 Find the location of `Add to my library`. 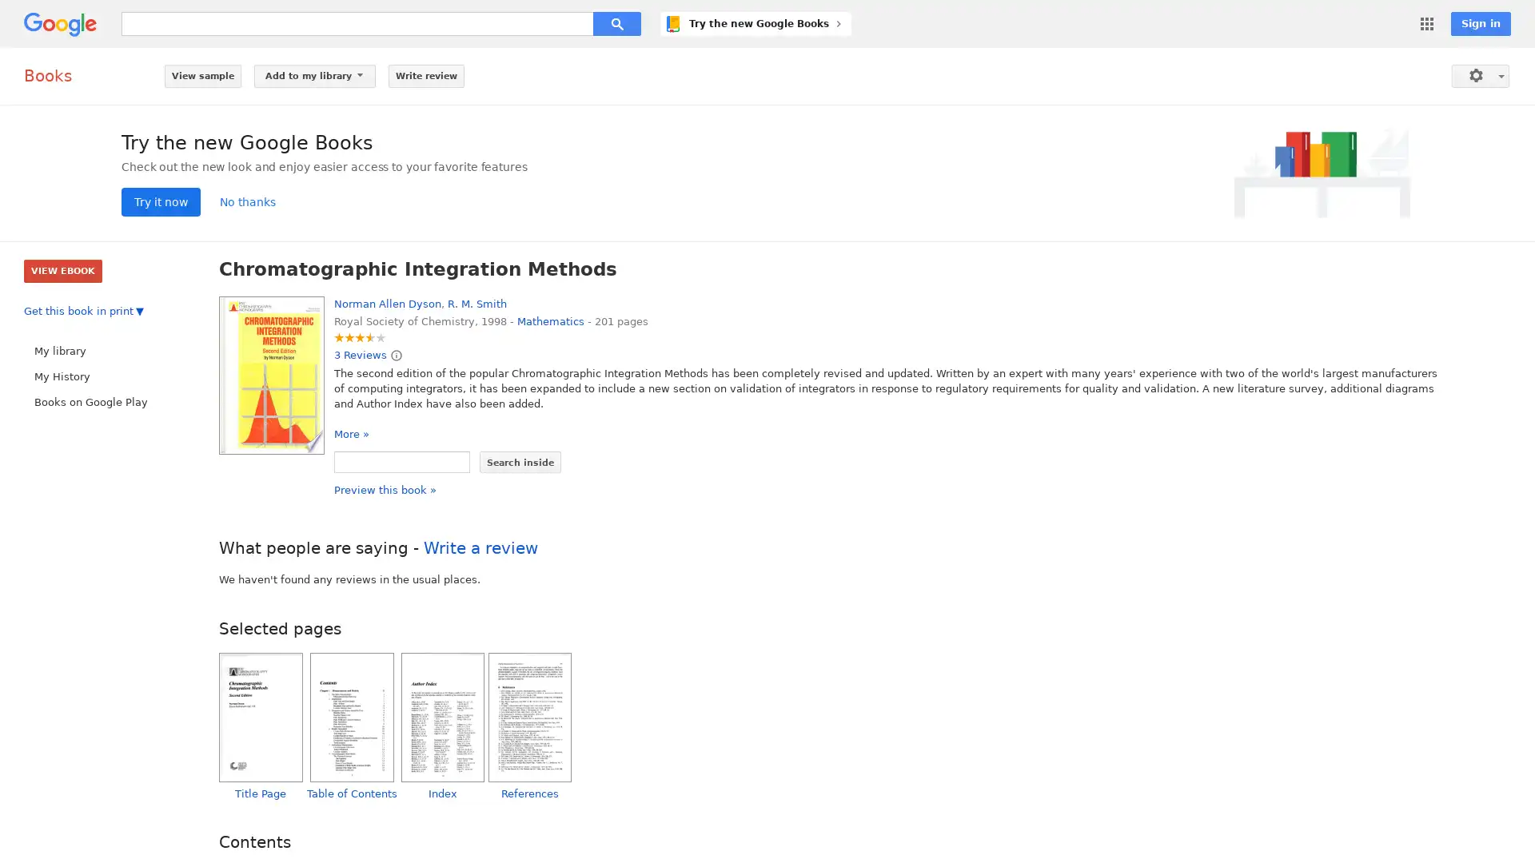

Add to my library is located at coordinates (314, 76).